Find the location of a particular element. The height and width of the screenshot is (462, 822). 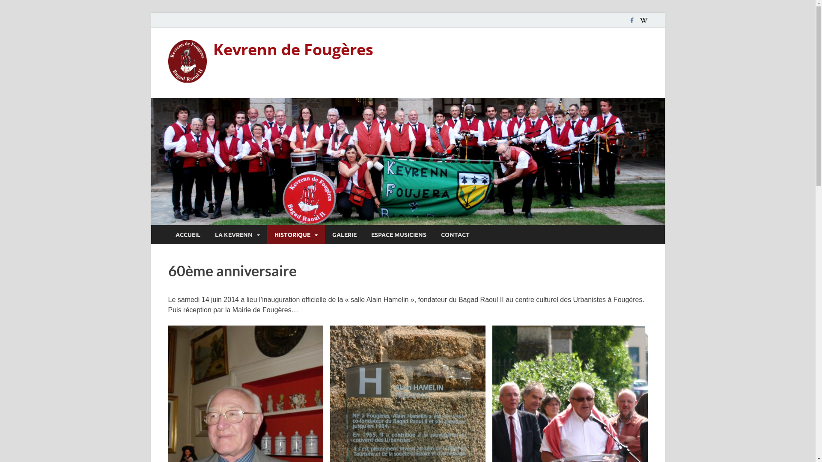

'HISTORIQUE' is located at coordinates (267, 234).